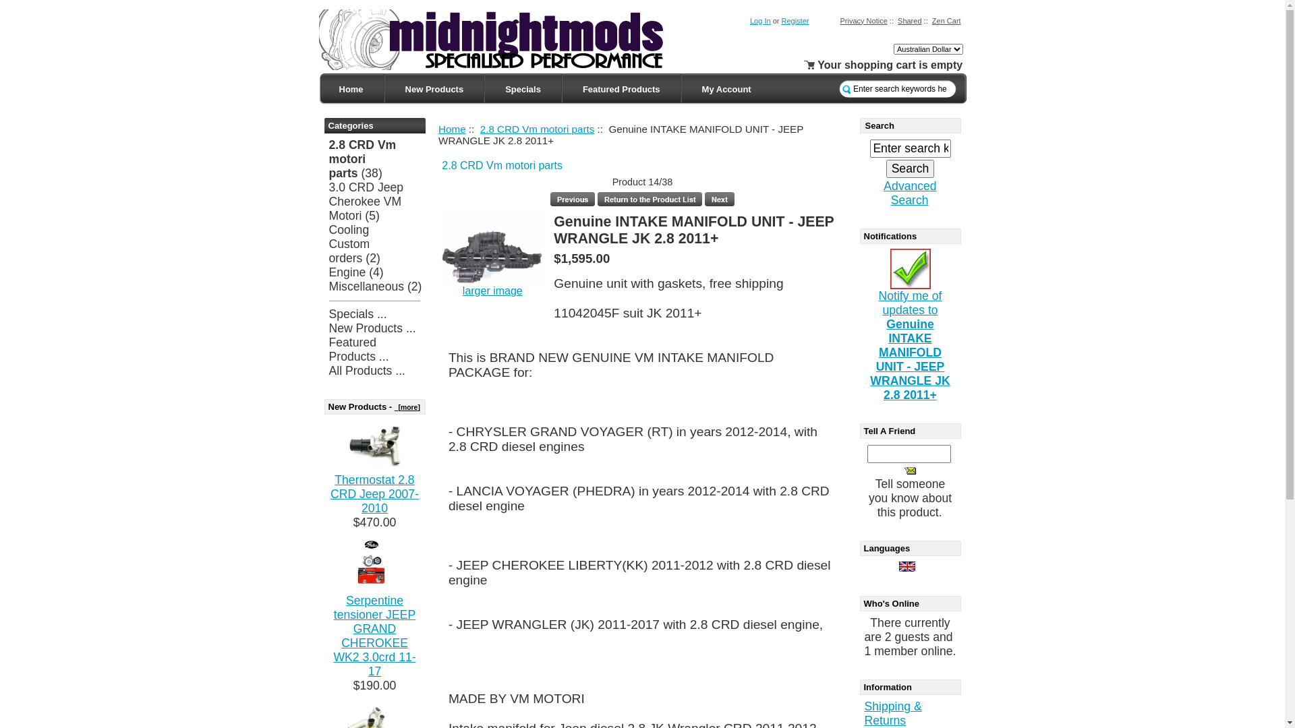 The width and height of the screenshot is (1295, 728). Describe the element at coordinates (366, 202) in the screenshot. I see `'3.0 CRD Jeep Cherokee VM Motori'` at that location.